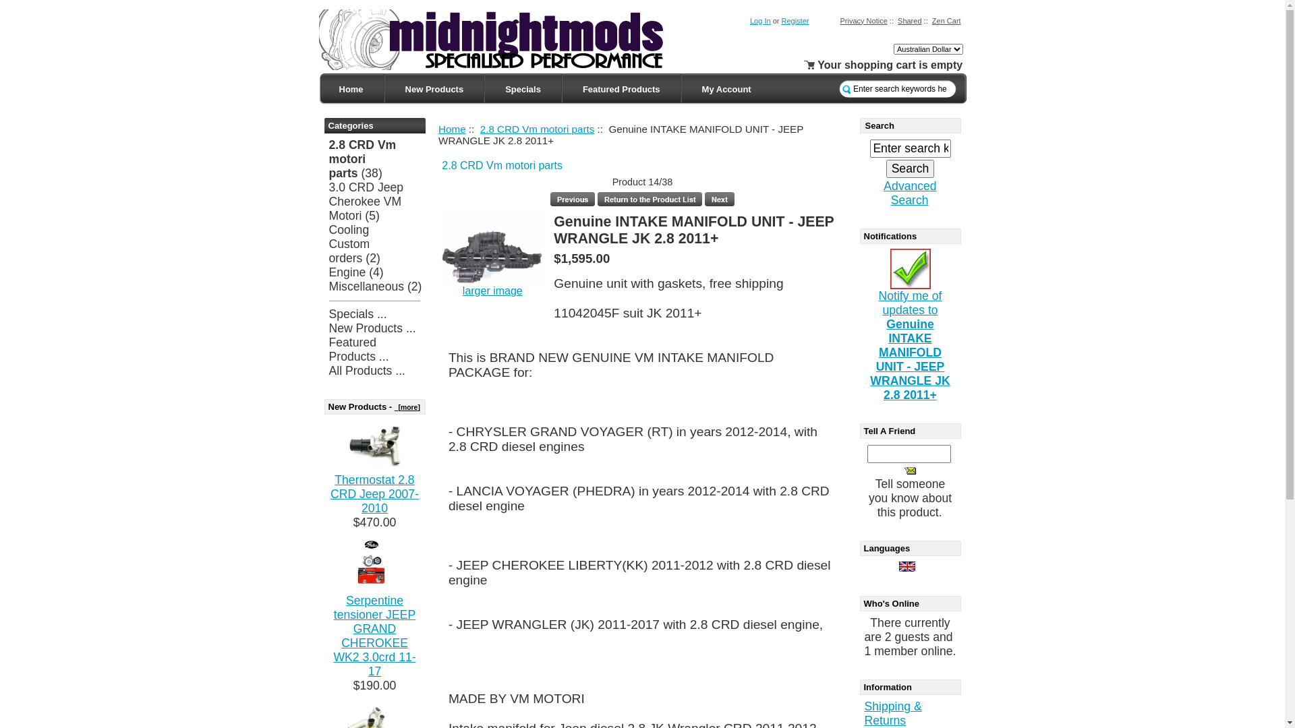 The width and height of the screenshot is (1295, 728). Describe the element at coordinates (366, 202) in the screenshot. I see `'3.0 CRD Jeep Cherokee VM Motori'` at that location.